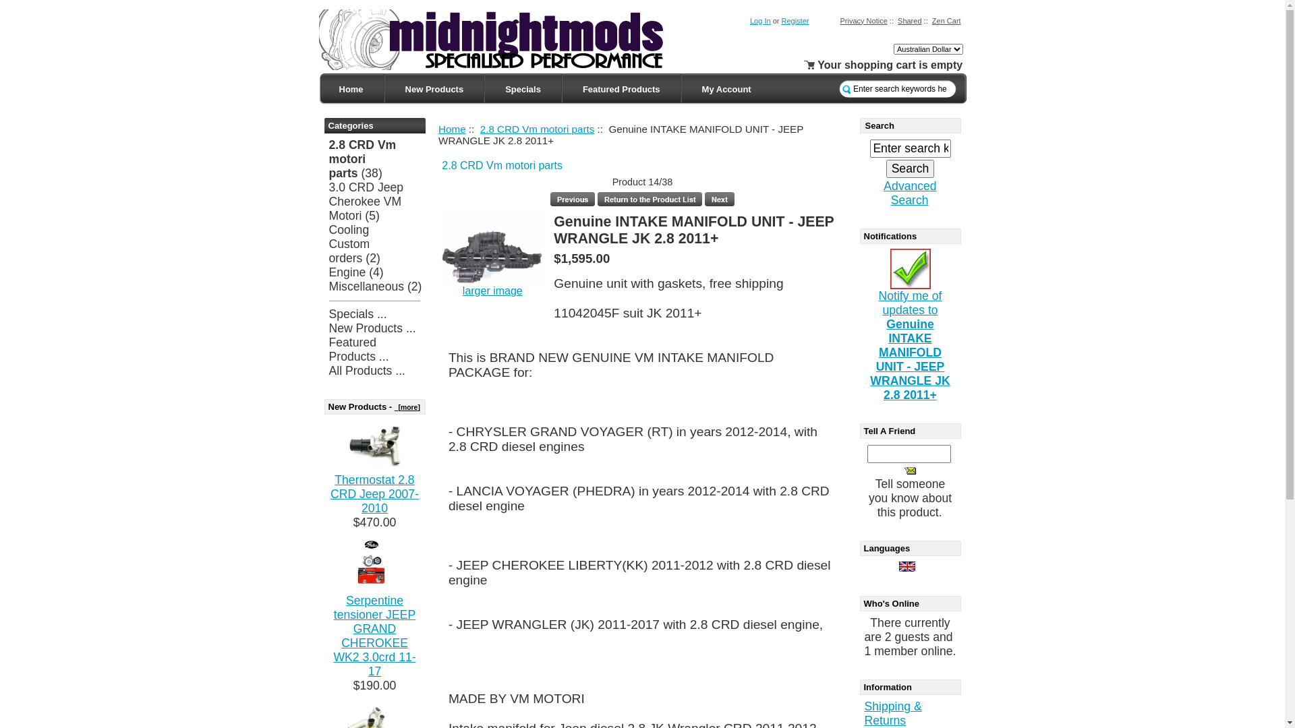 The width and height of the screenshot is (1295, 728). Describe the element at coordinates (366, 202) in the screenshot. I see `'3.0 CRD Jeep Cherokee VM Motori'` at that location.